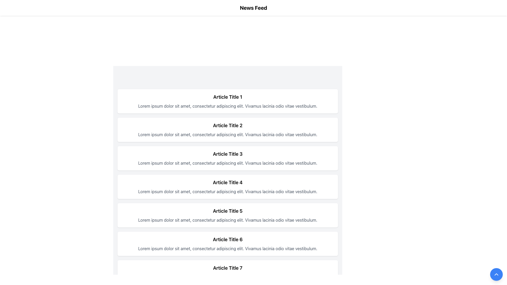 The height and width of the screenshot is (285, 507). Describe the element at coordinates (228, 154) in the screenshot. I see `the text label displaying 'Article Title 3'` at that location.